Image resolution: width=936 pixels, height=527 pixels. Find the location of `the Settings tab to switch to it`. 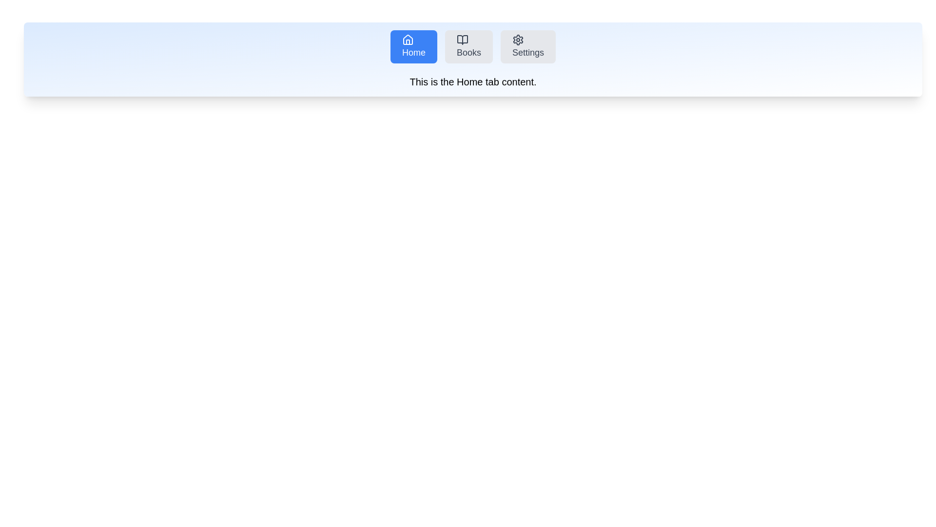

the Settings tab to switch to it is located at coordinates (527, 47).